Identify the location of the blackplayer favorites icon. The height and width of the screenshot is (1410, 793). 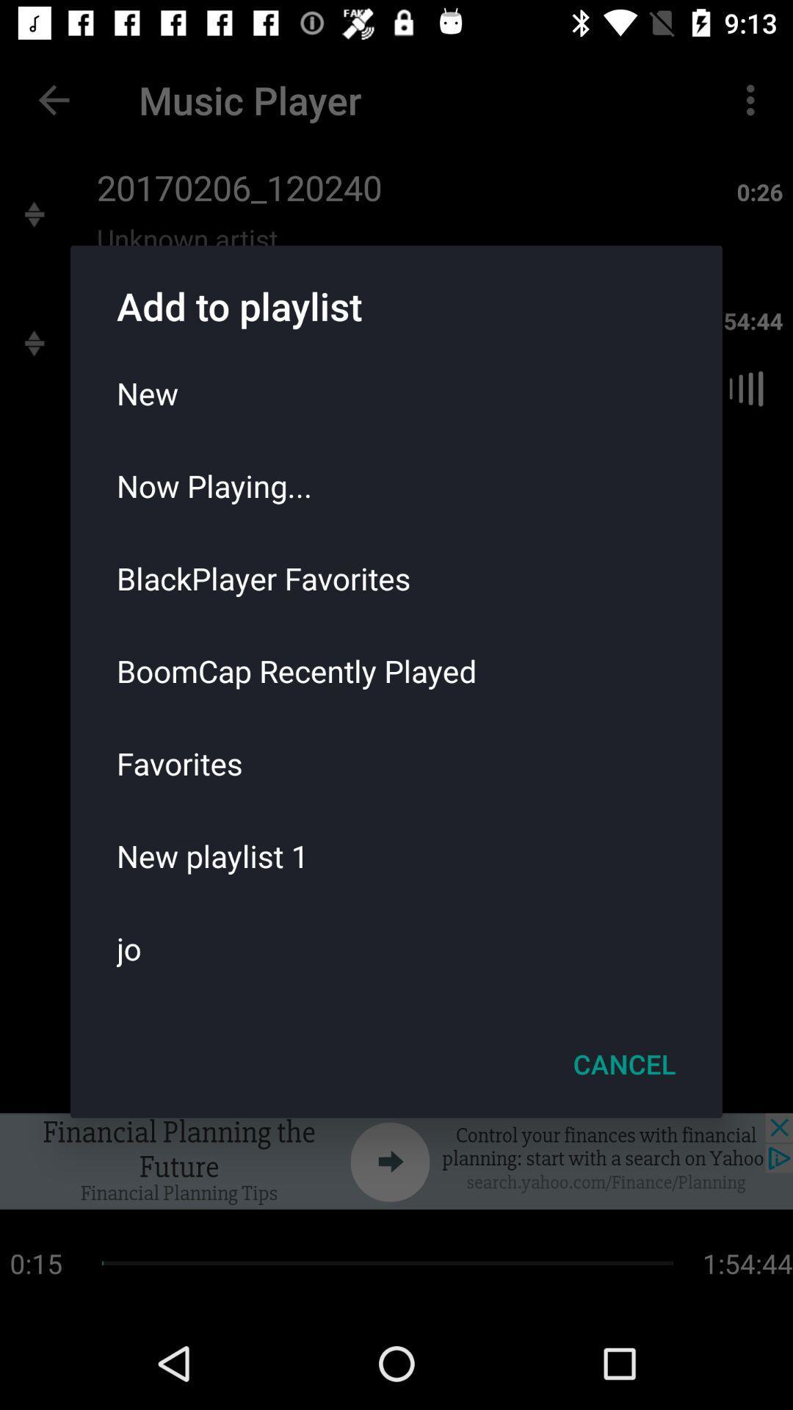
(396, 577).